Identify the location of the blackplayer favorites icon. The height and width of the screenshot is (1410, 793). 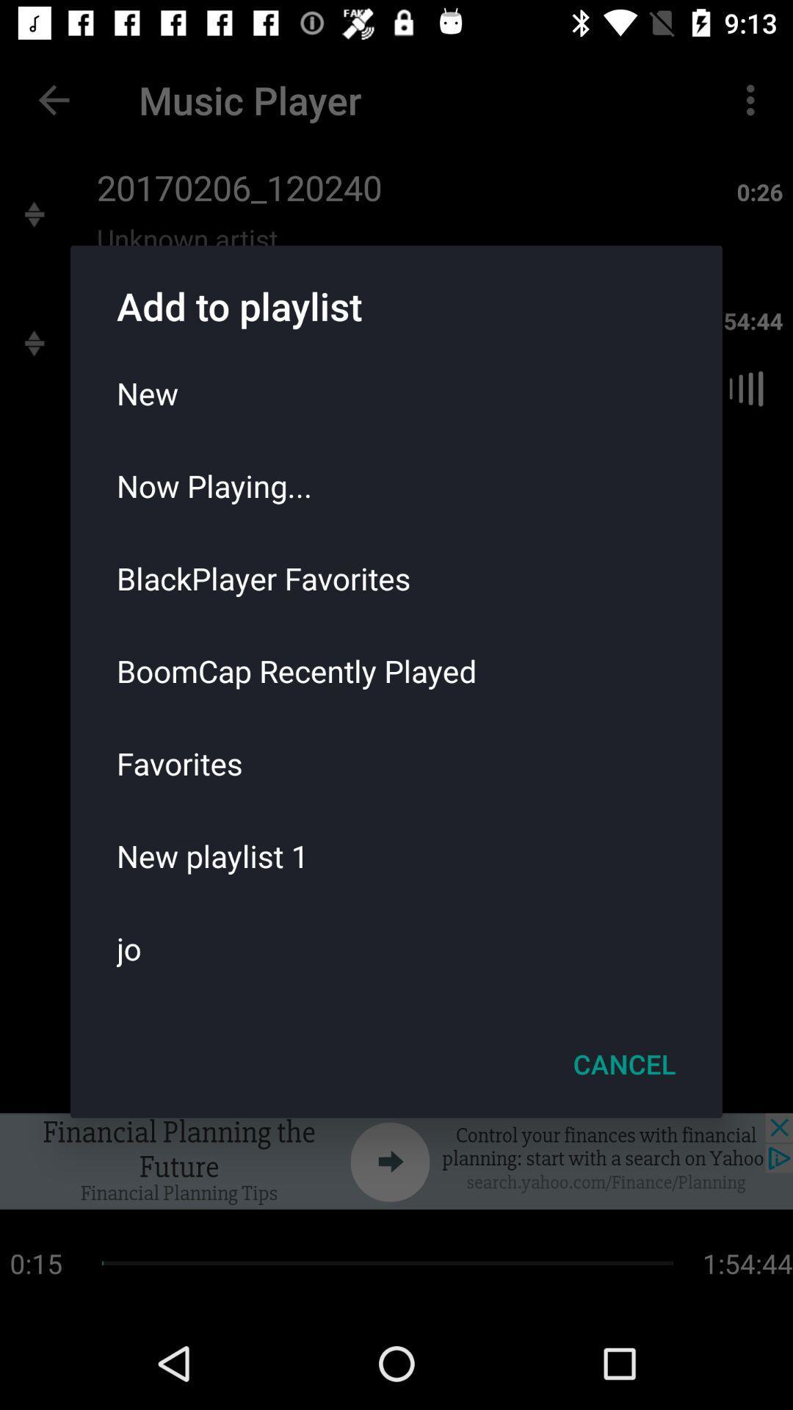
(396, 577).